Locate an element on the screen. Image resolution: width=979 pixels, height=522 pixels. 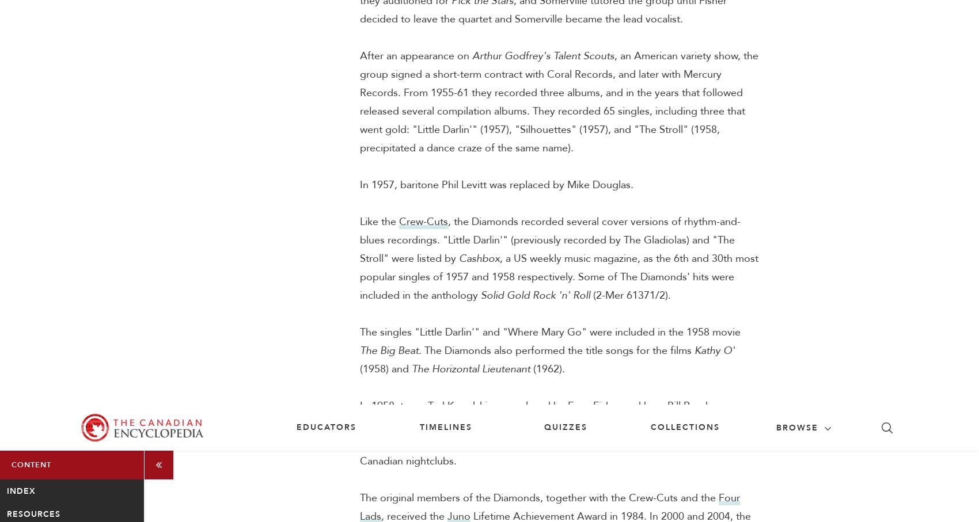
'Citizenship challenge' is located at coordinates (765, 504).